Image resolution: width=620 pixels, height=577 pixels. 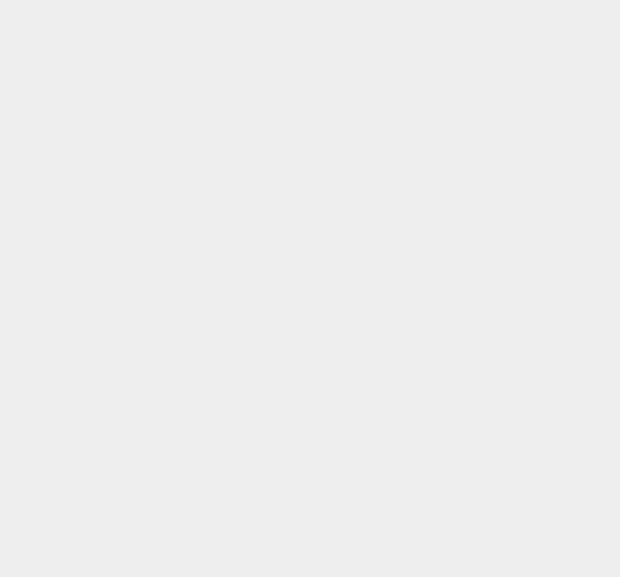 What do you see at coordinates (438, 425) in the screenshot?
I see `'Podcasts'` at bounding box center [438, 425].